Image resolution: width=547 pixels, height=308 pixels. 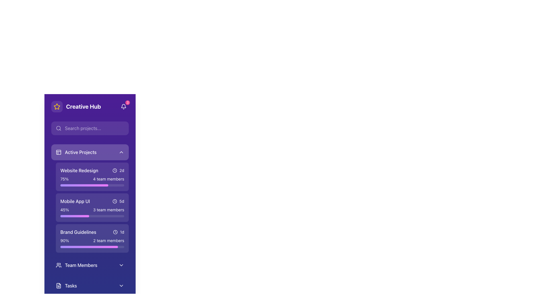 I want to click on informational text displaying the task completion percentage and team member count located in the 'Brand Guidelines' section, below the progress bar, so click(x=92, y=241).